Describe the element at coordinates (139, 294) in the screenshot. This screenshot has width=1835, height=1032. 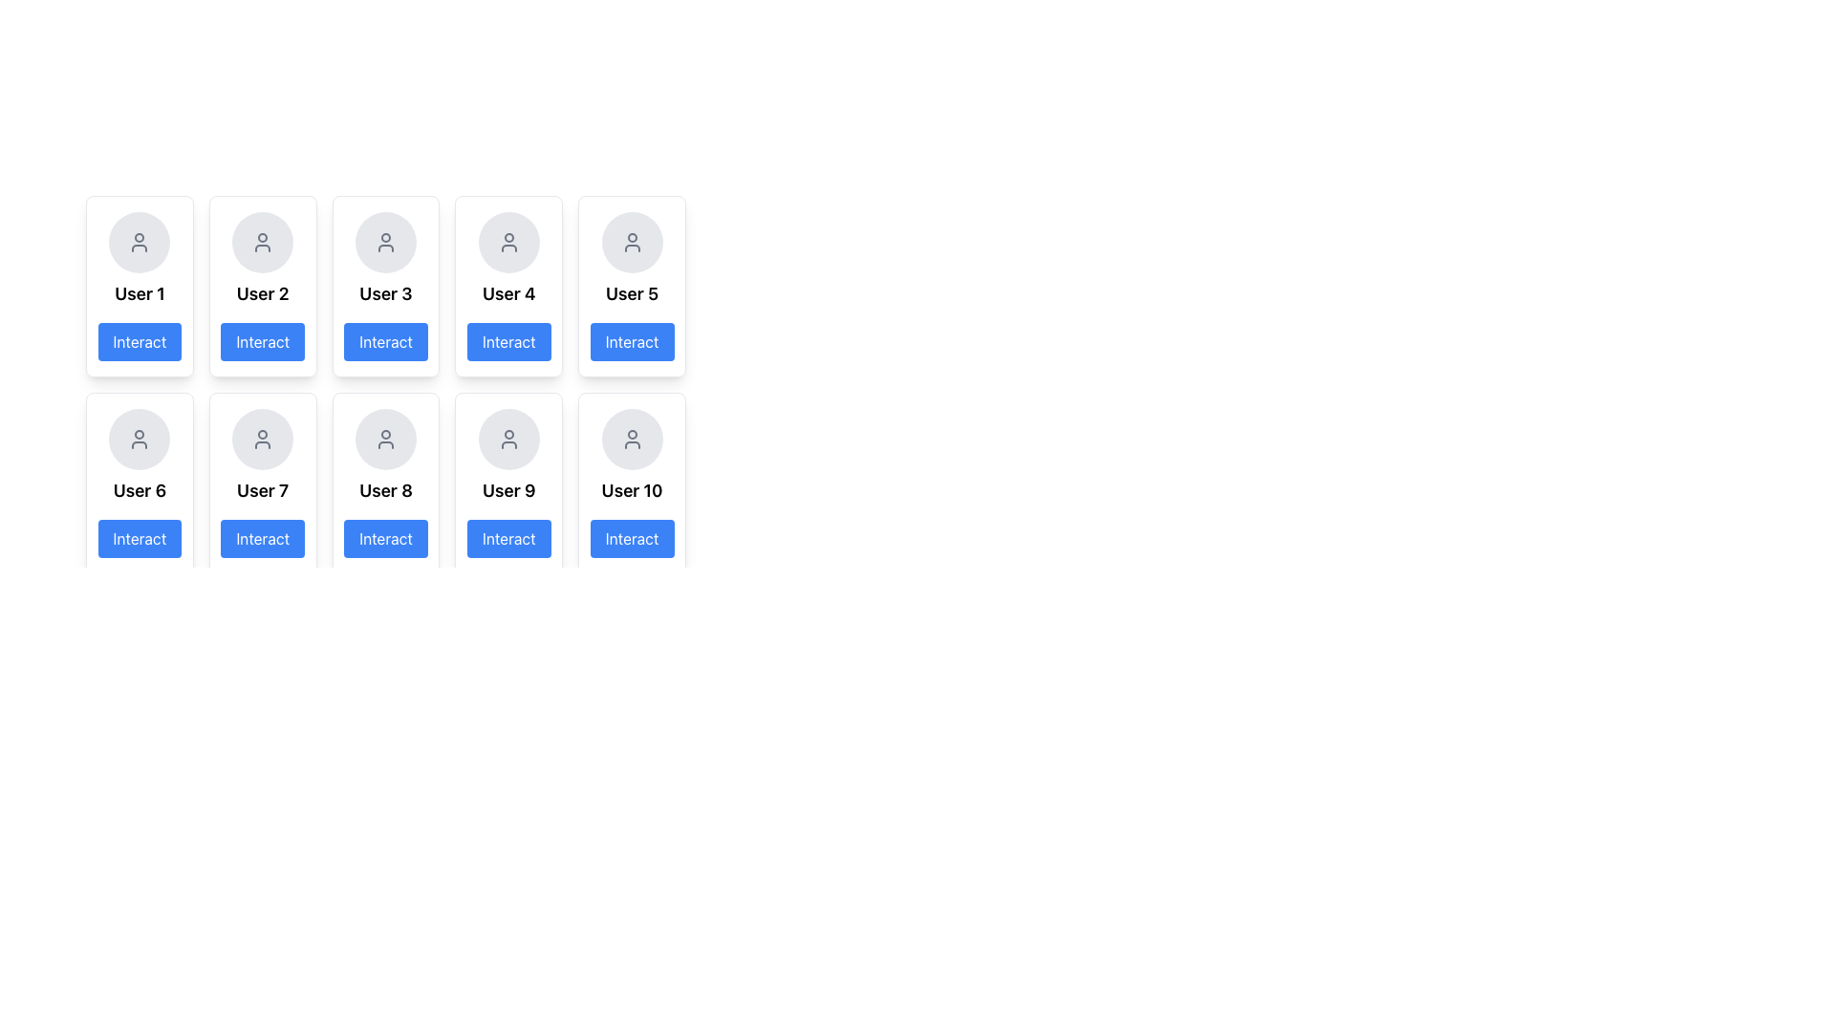
I see `the 'User 1' text label displayed in bold and large font, which is located in the first card of the grid layout, positioned centrally beneath an avatar icon and above the blue 'Interact' button` at that location.